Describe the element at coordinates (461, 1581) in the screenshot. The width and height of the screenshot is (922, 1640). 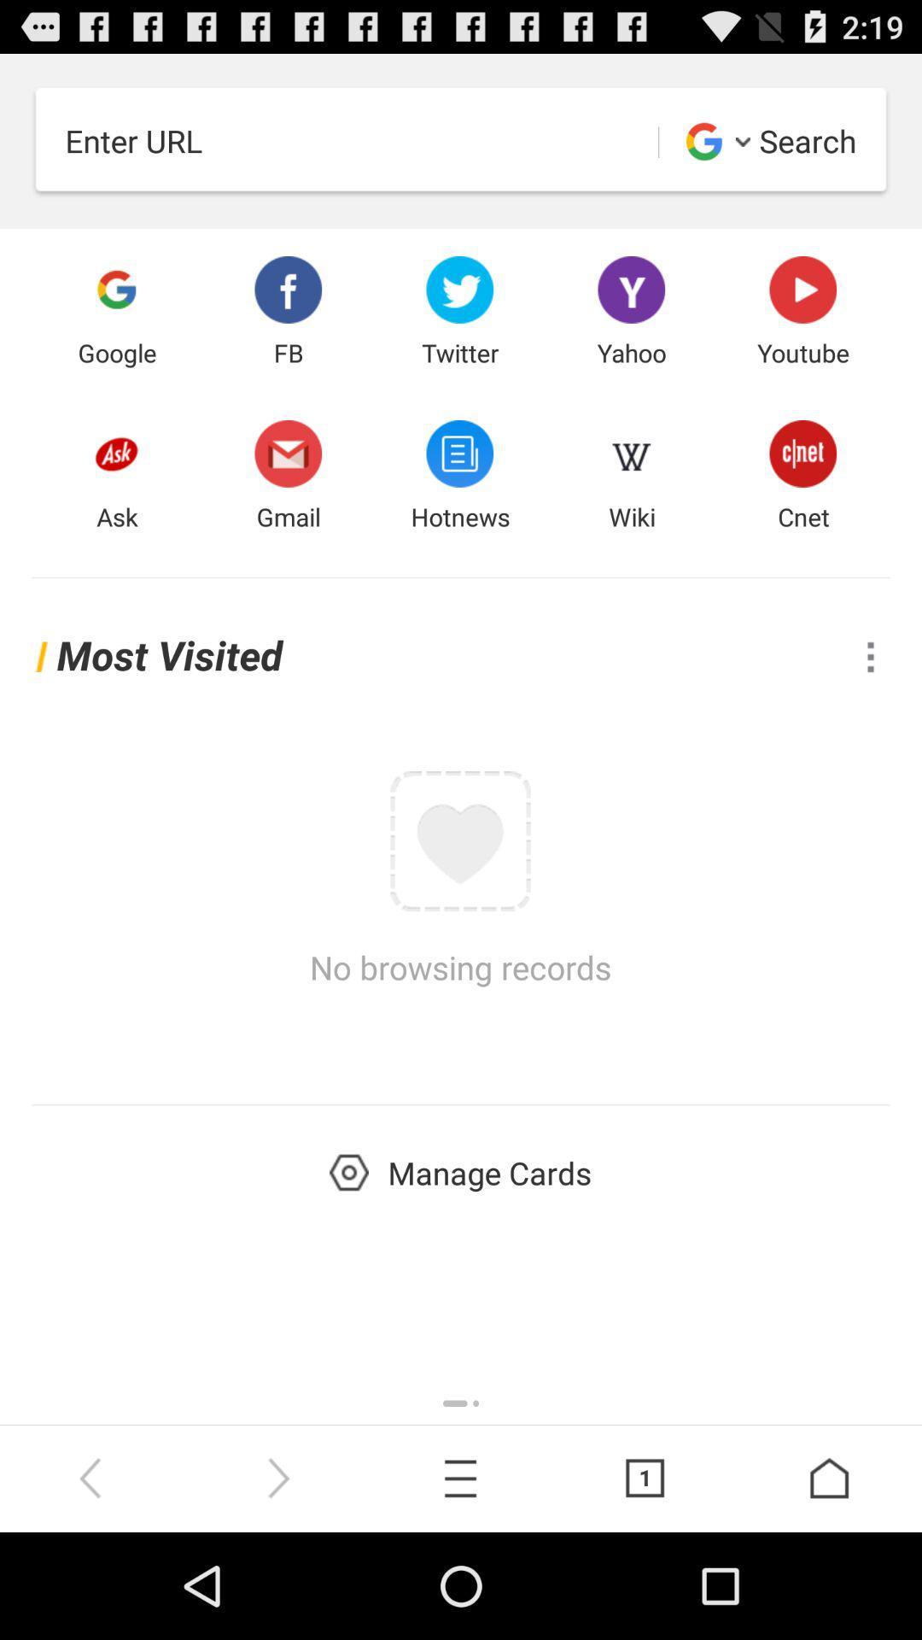
I see `the menu icon` at that location.